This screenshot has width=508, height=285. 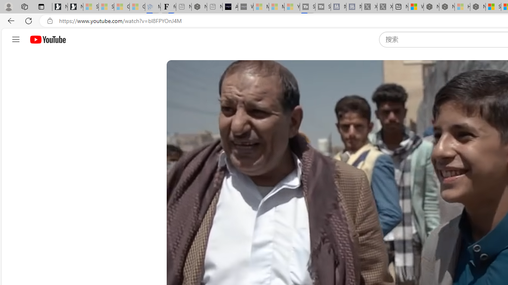 I want to click on 'AI Voice Changer for PC and Mac - Voice.ai', so click(x=229, y=7).